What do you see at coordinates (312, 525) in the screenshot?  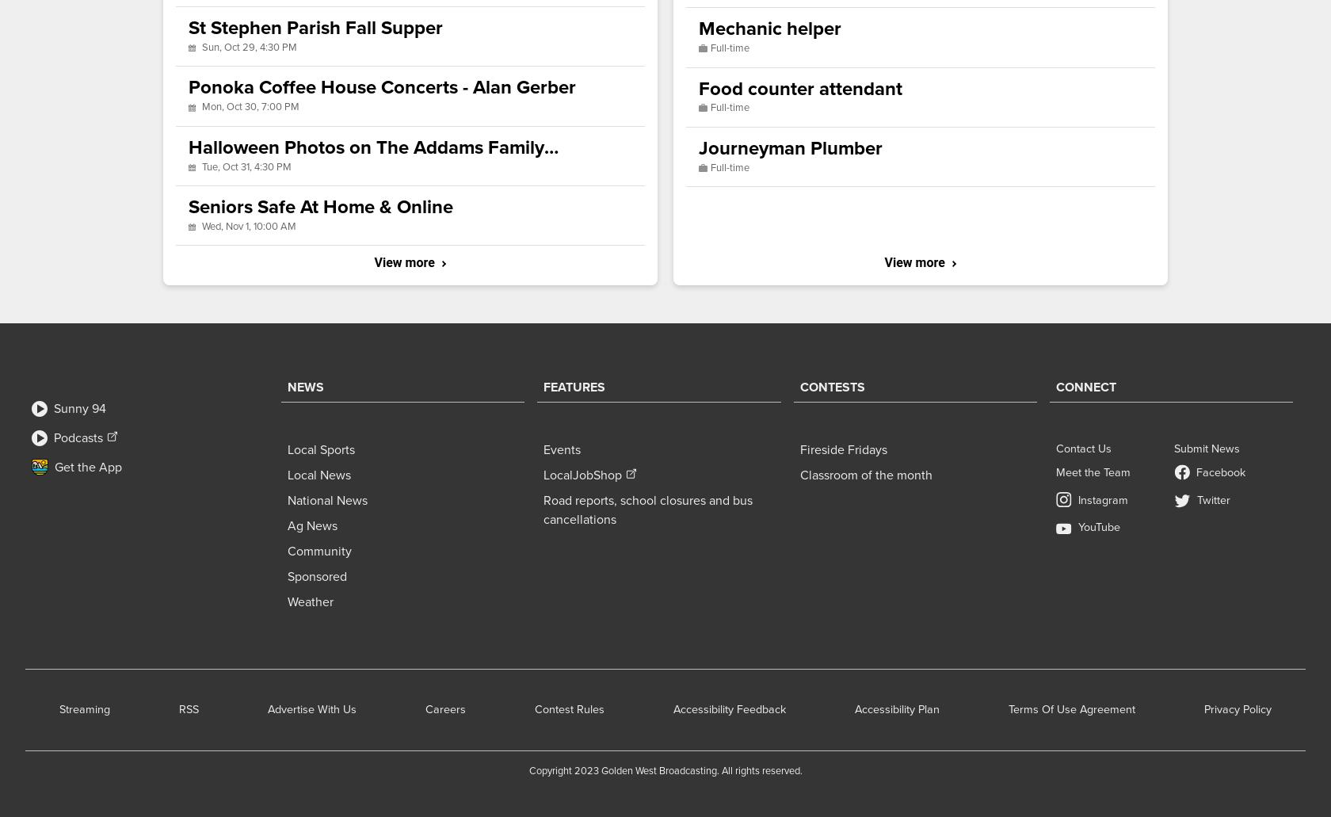 I see `'Ag News'` at bounding box center [312, 525].